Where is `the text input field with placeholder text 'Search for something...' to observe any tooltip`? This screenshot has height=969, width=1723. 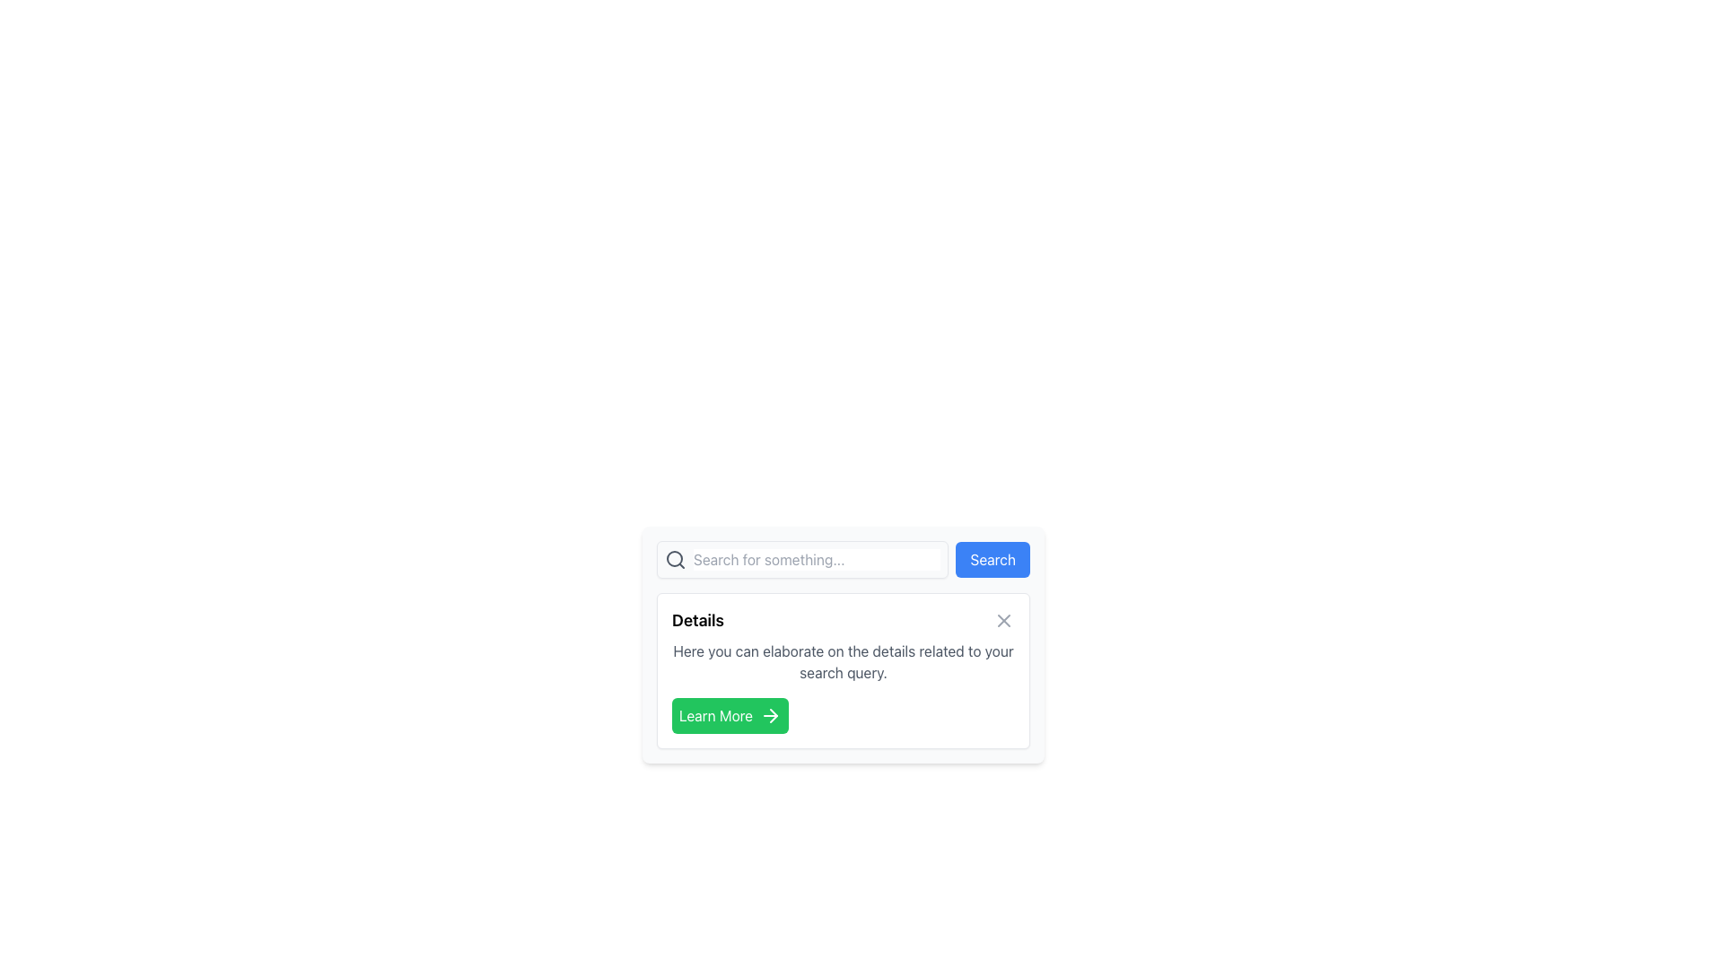
the text input field with placeholder text 'Search for something...' to observe any tooltip is located at coordinates (816, 559).